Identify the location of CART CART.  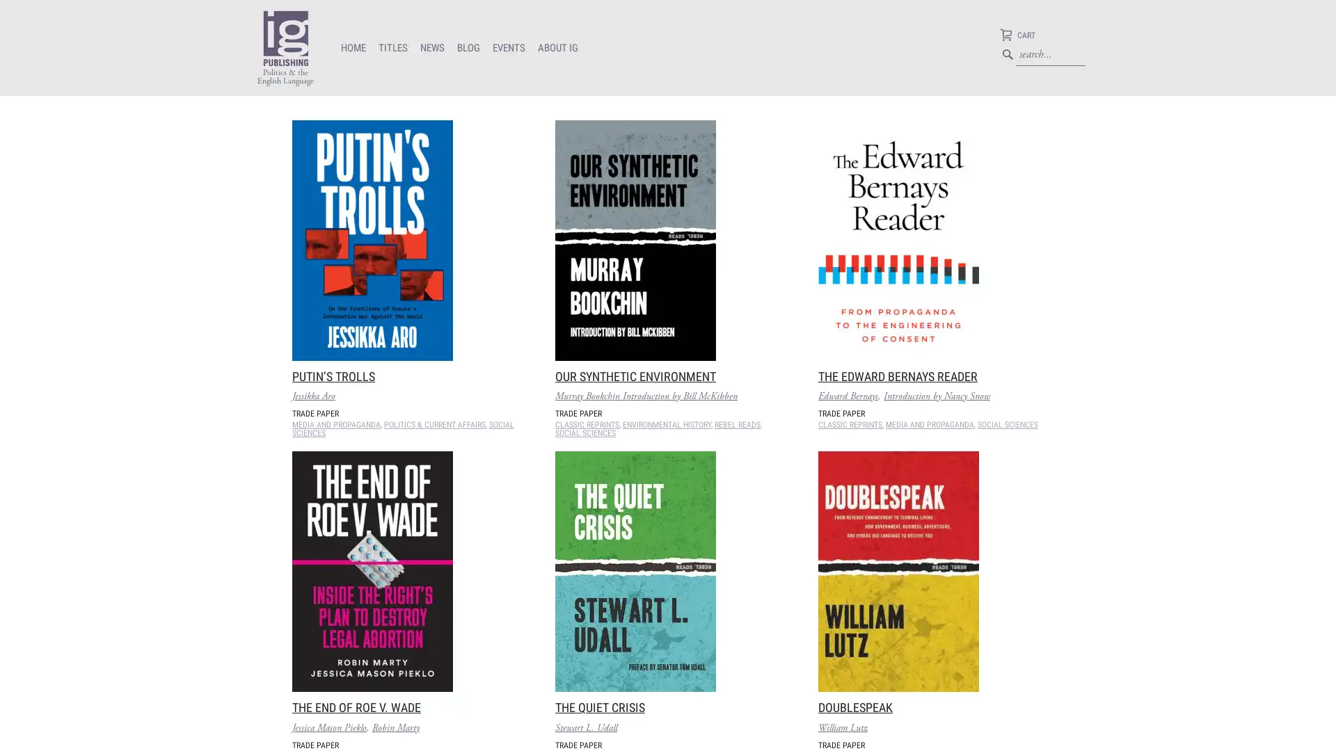
(1017, 36).